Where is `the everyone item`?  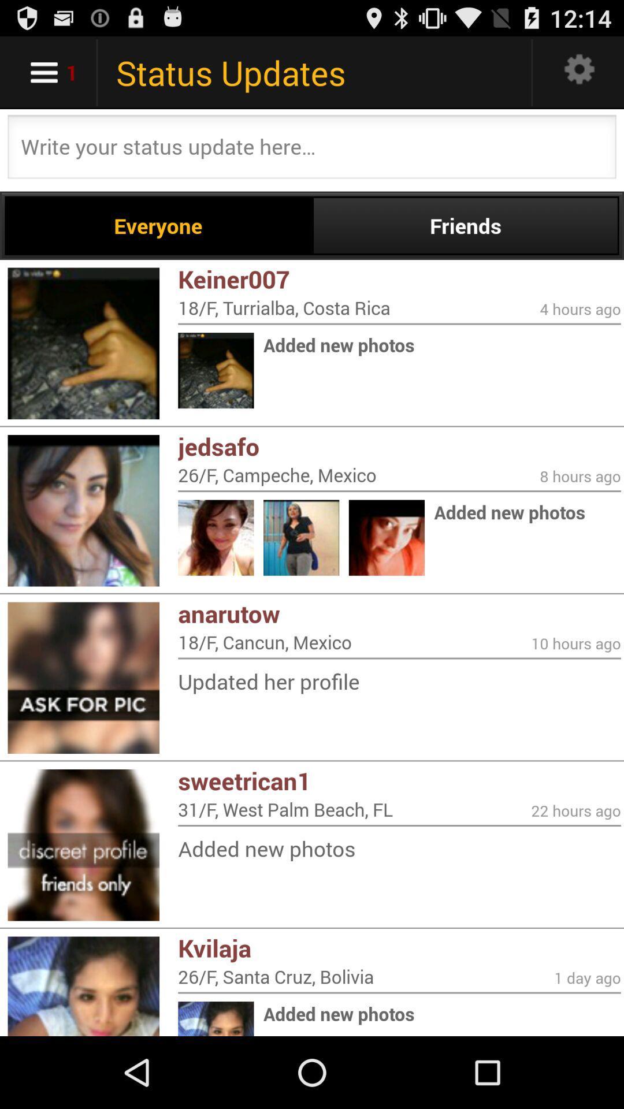 the everyone item is located at coordinates (158, 225).